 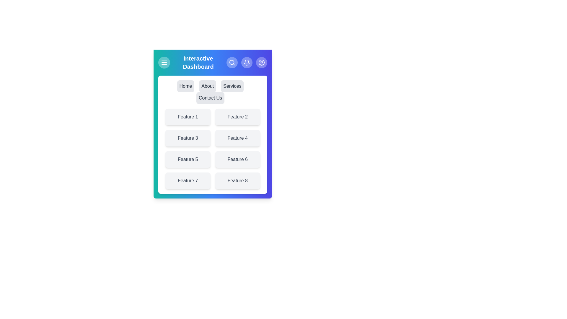 What do you see at coordinates (208, 86) in the screenshot?
I see `the menu item labeled About to navigate to the respective page` at bounding box center [208, 86].